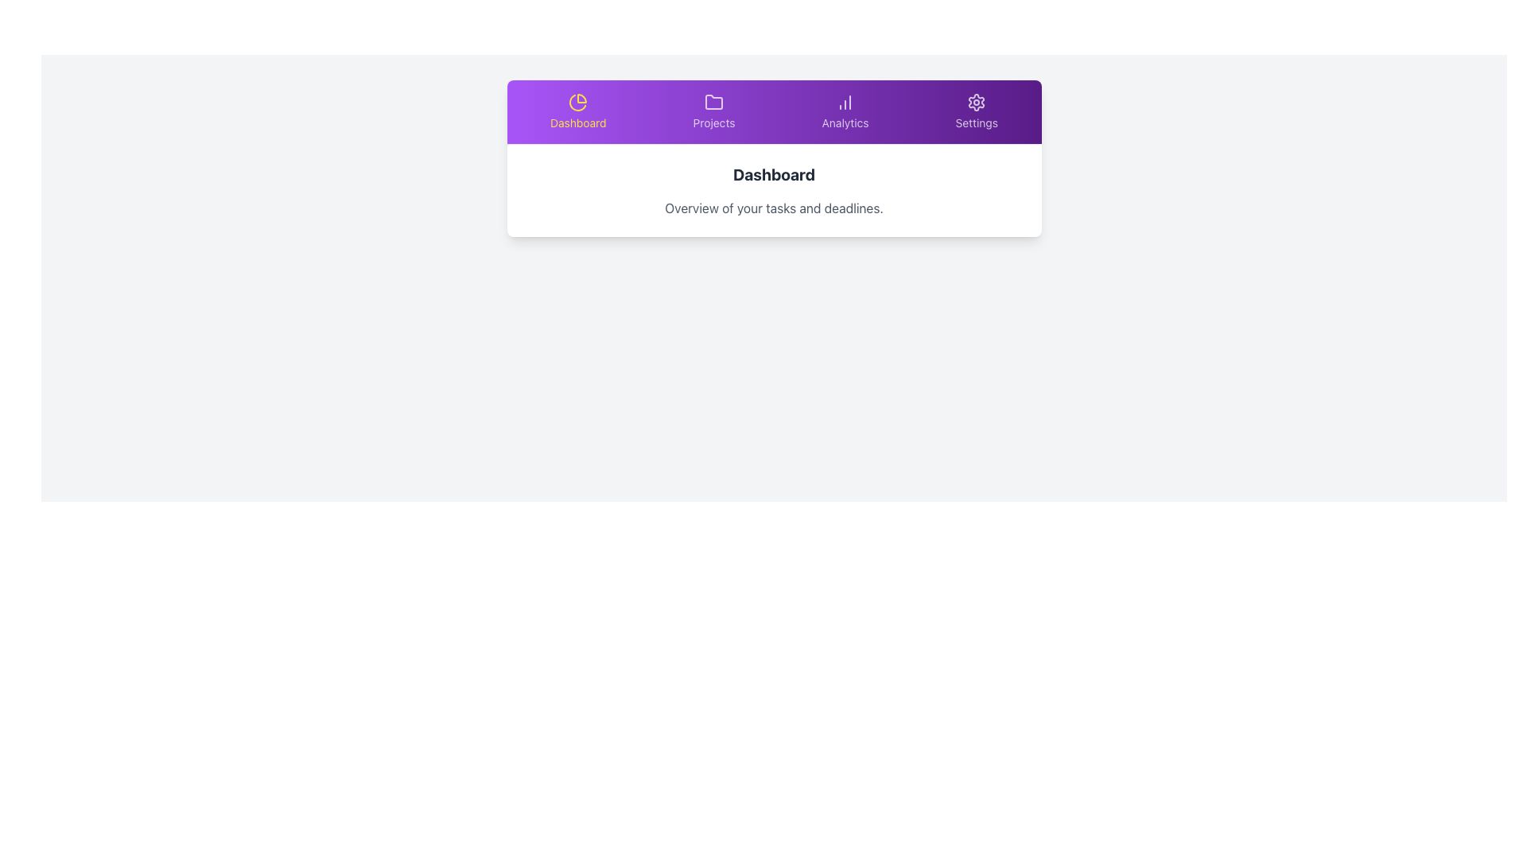 This screenshot has width=1527, height=859. What do you see at coordinates (577, 111) in the screenshot?
I see `the navigation button labeled 'Dashboard'` at bounding box center [577, 111].